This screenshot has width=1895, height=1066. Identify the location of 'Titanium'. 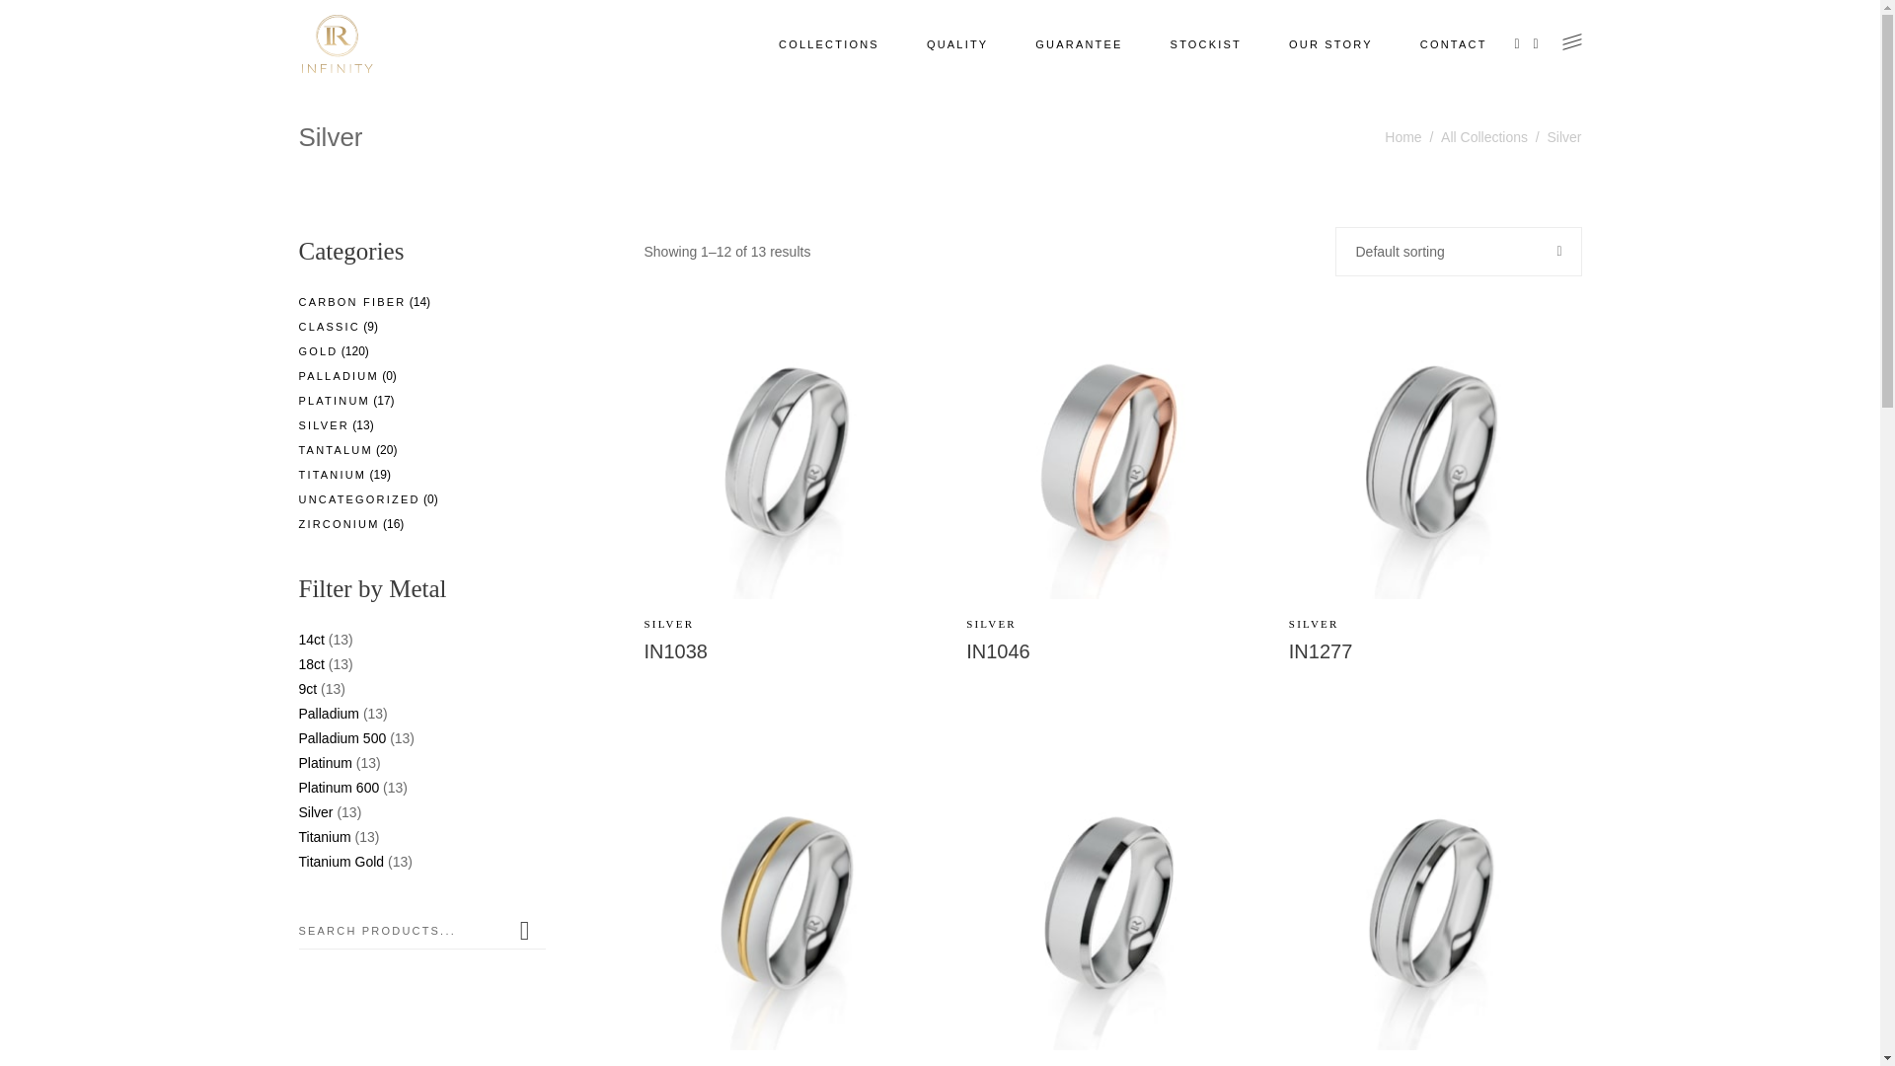
(324, 837).